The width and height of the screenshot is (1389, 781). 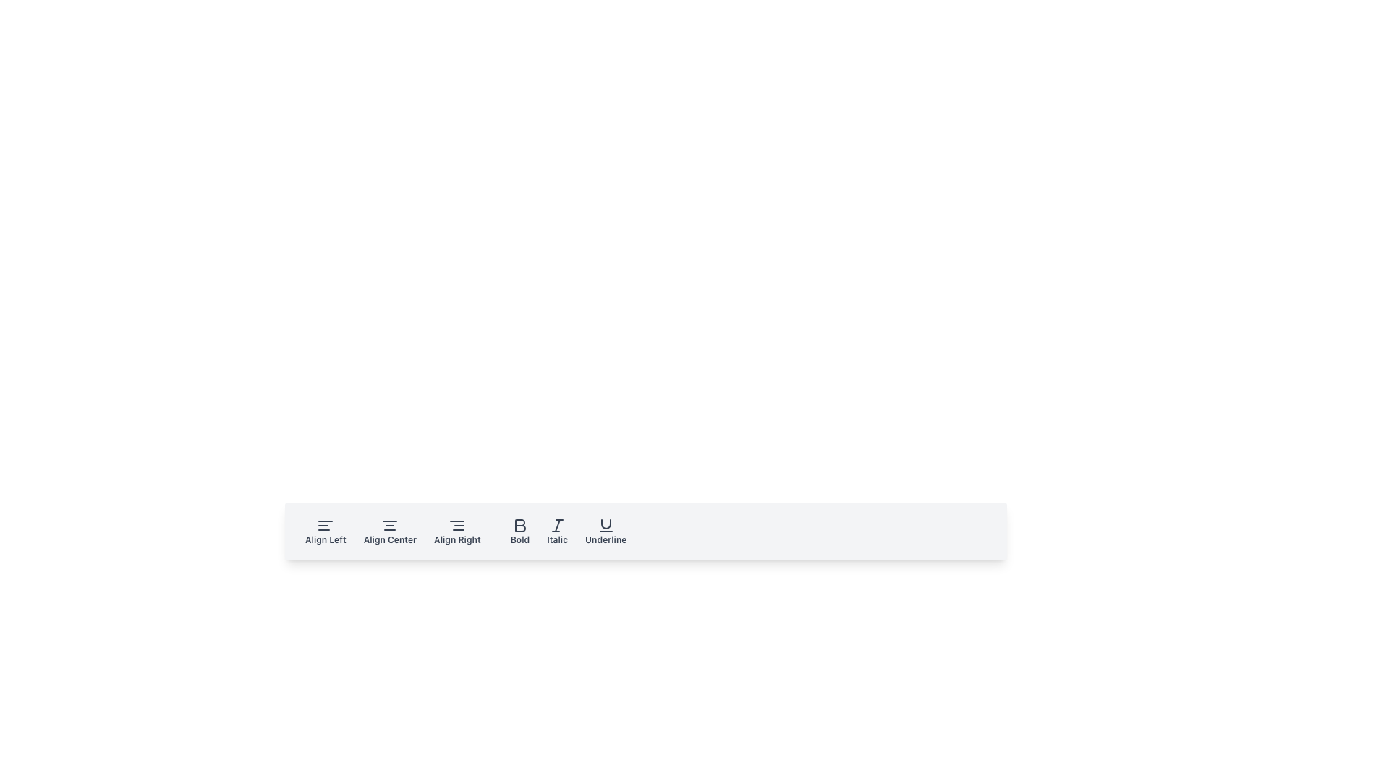 What do you see at coordinates (556, 540) in the screenshot?
I see `the text label displaying 'Italic' in a small, bold font located near the bottom bar of the layout` at bounding box center [556, 540].